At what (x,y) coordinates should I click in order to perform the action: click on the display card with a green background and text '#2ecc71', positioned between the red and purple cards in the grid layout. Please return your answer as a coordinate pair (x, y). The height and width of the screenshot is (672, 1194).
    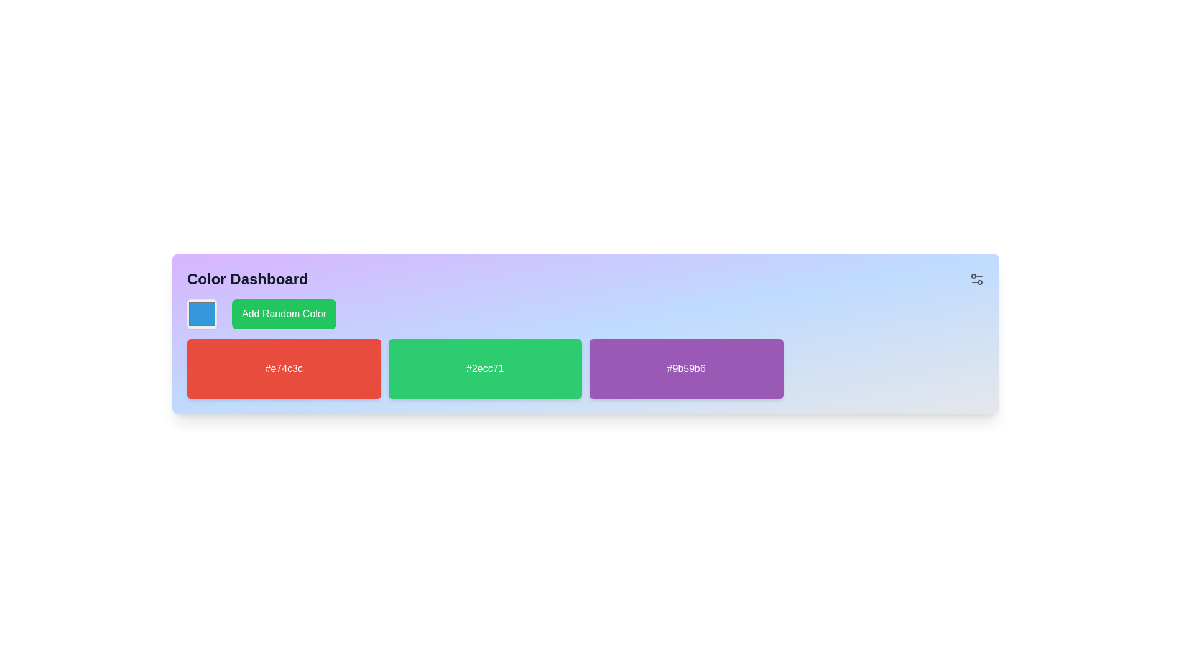
    Looking at the image, I should click on (484, 368).